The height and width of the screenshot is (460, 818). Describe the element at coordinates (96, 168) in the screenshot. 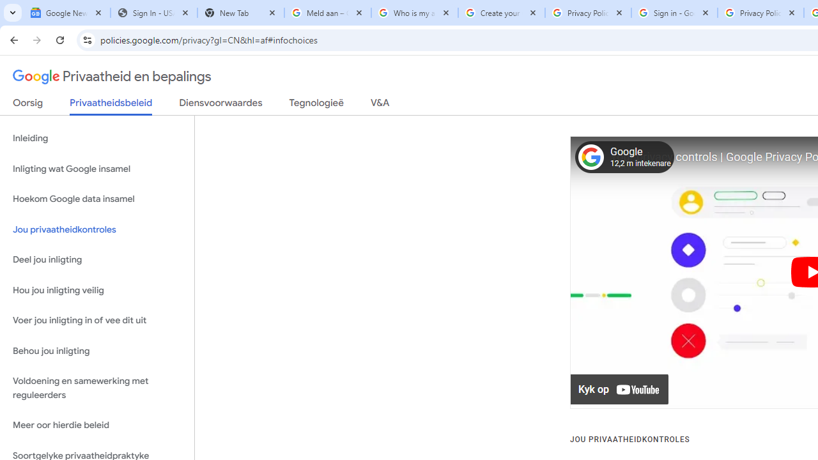

I see `'Inligting wat Google insamel'` at that location.